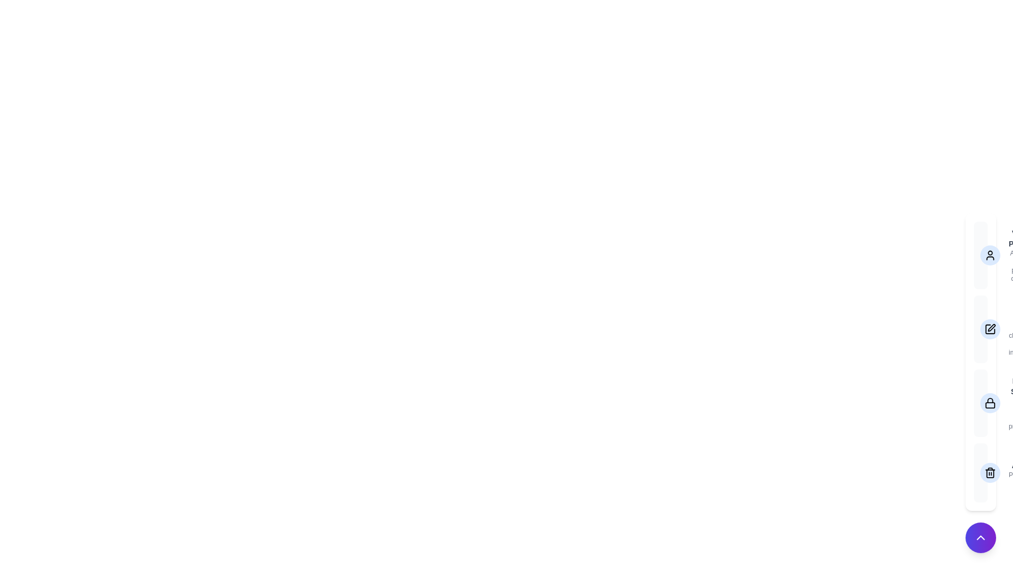  Describe the element at coordinates (980, 403) in the screenshot. I see `the menu option labeled Privacy Settings` at that location.